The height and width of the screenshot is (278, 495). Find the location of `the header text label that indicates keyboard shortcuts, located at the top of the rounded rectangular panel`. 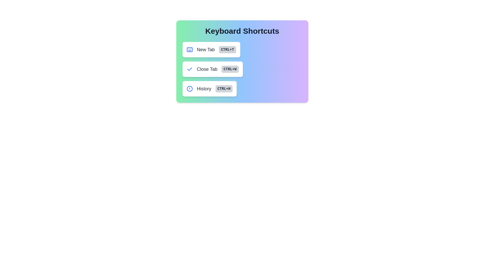

the header text label that indicates keyboard shortcuts, located at the top of the rounded rectangular panel is located at coordinates (242, 31).